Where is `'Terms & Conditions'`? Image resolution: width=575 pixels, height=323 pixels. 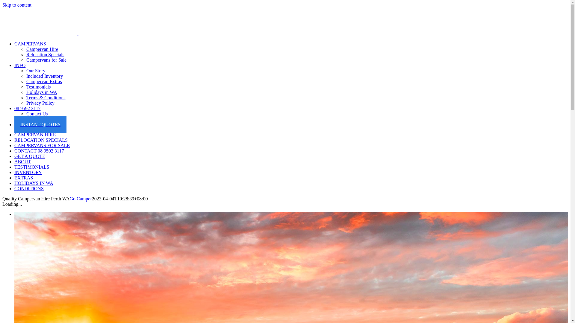
'Terms & Conditions' is located at coordinates (26, 97).